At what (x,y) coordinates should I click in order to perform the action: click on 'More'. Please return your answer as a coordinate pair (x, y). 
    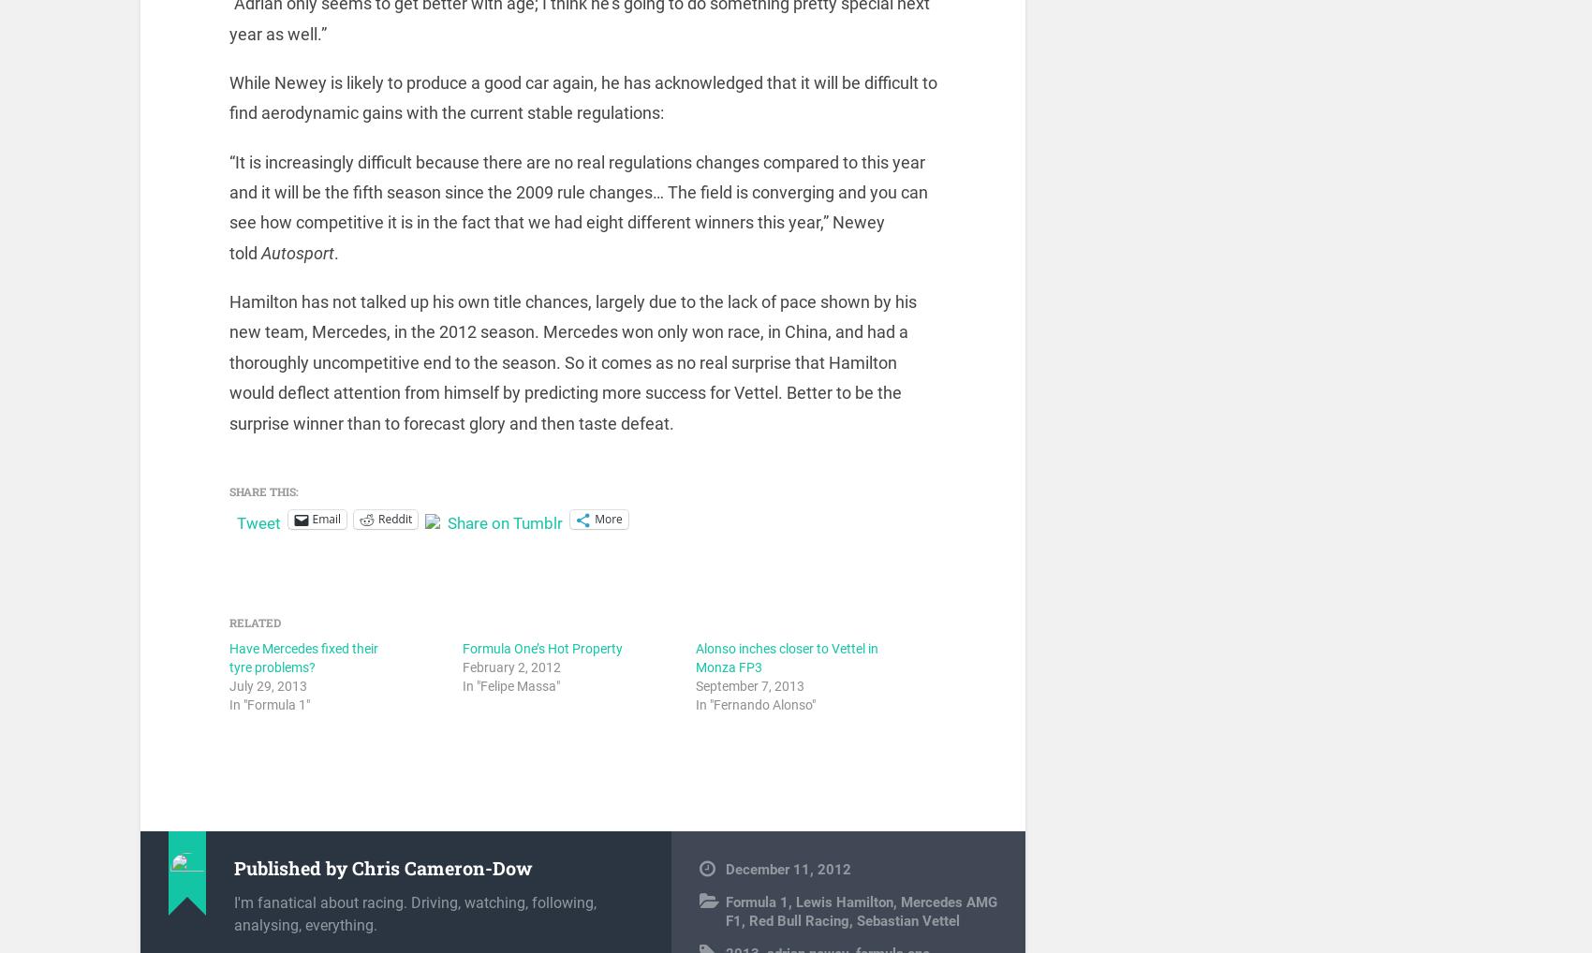
    Looking at the image, I should click on (608, 530).